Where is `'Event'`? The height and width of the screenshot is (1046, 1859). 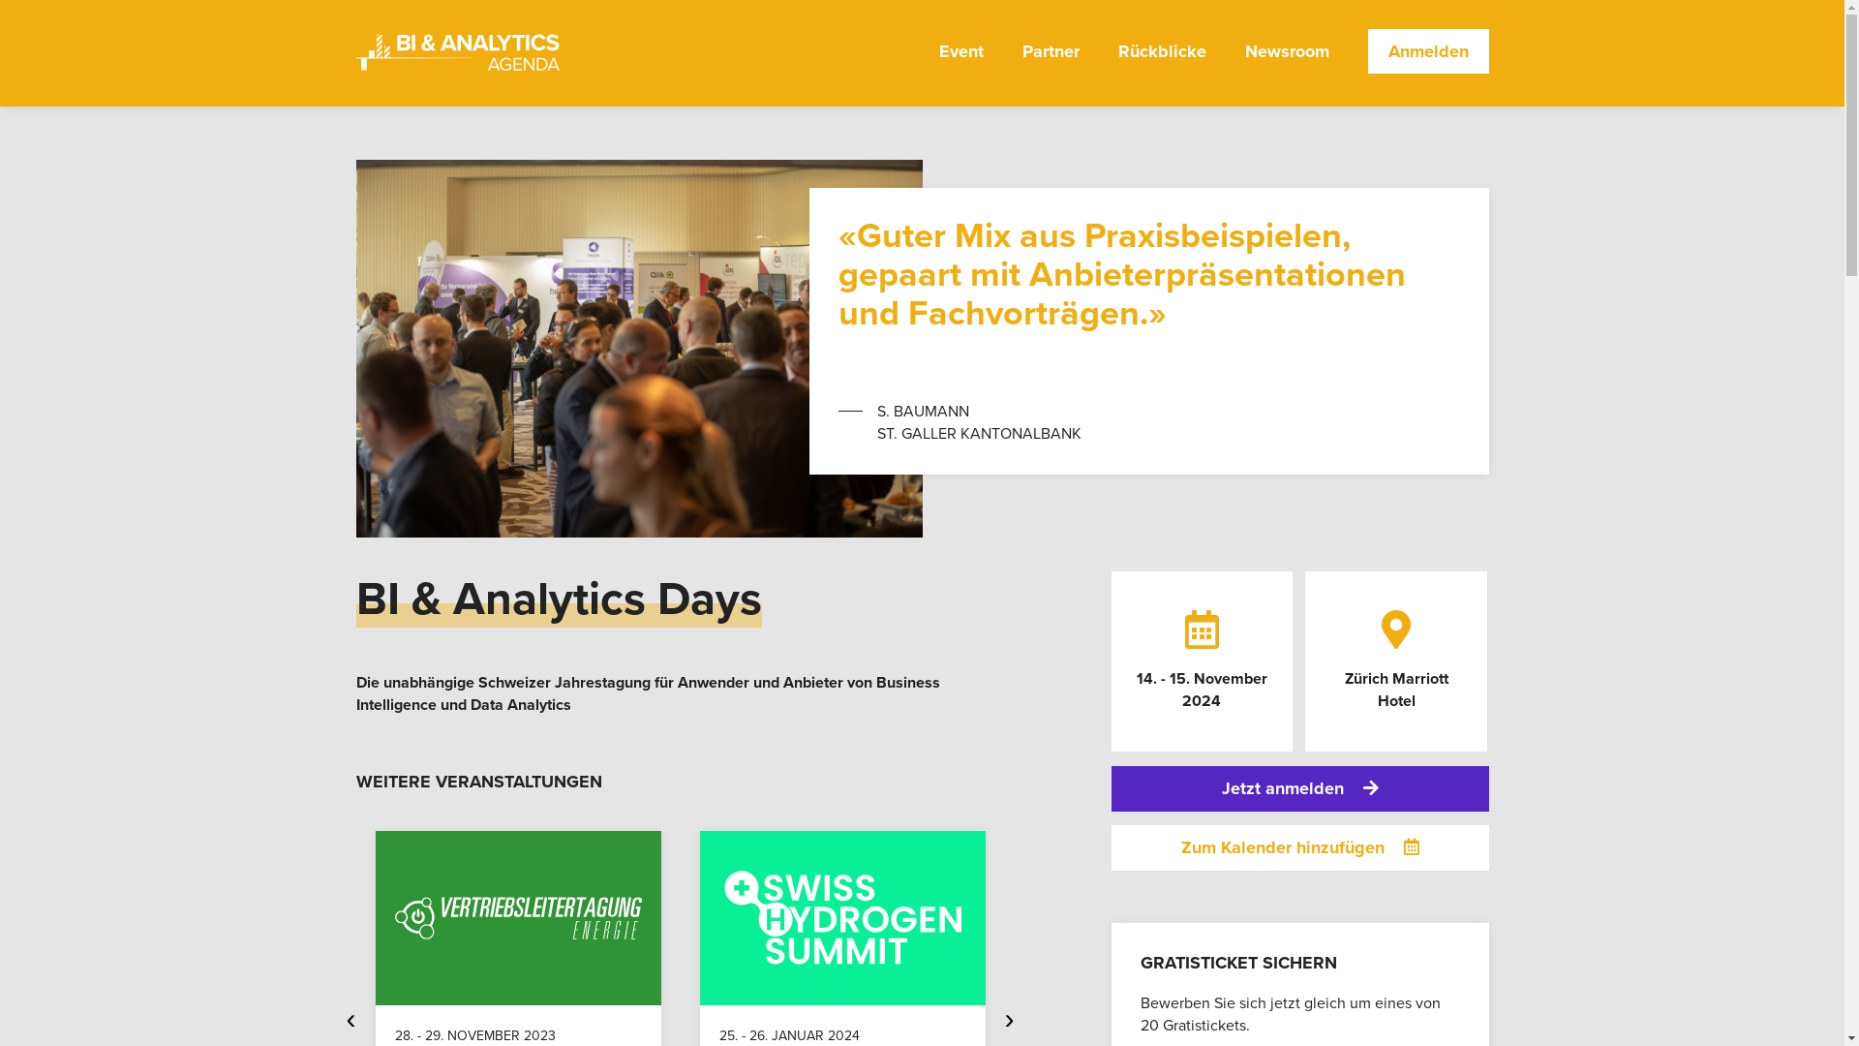
'Event' is located at coordinates (961, 65).